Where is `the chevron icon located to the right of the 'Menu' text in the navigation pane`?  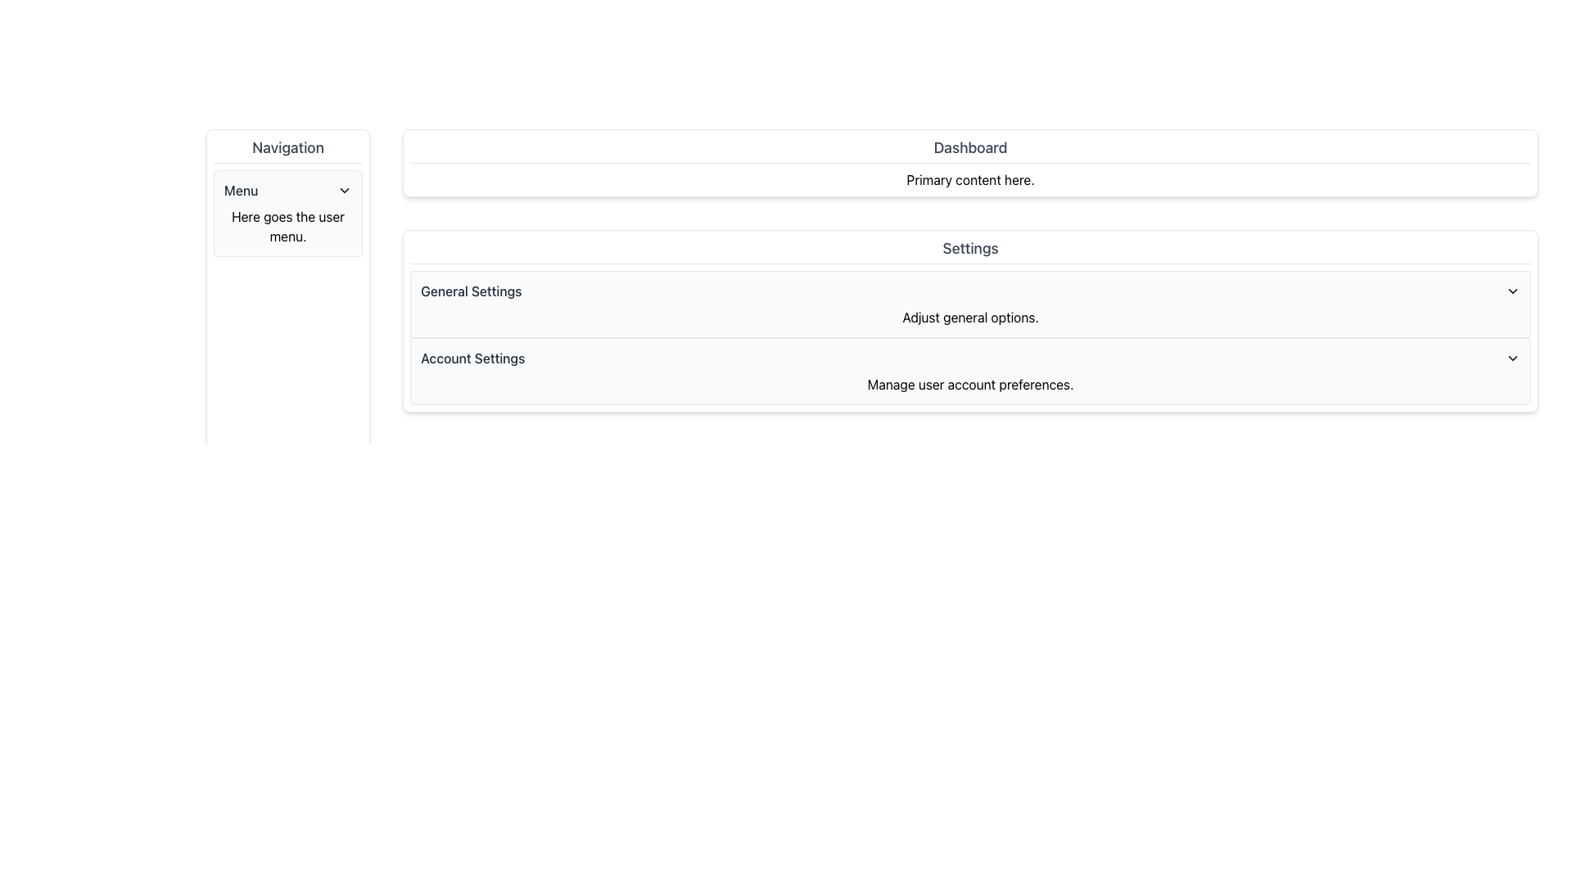 the chevron icon located to the right of the 'Menu' text in the navigation pane is located at coordinates (344, 189).